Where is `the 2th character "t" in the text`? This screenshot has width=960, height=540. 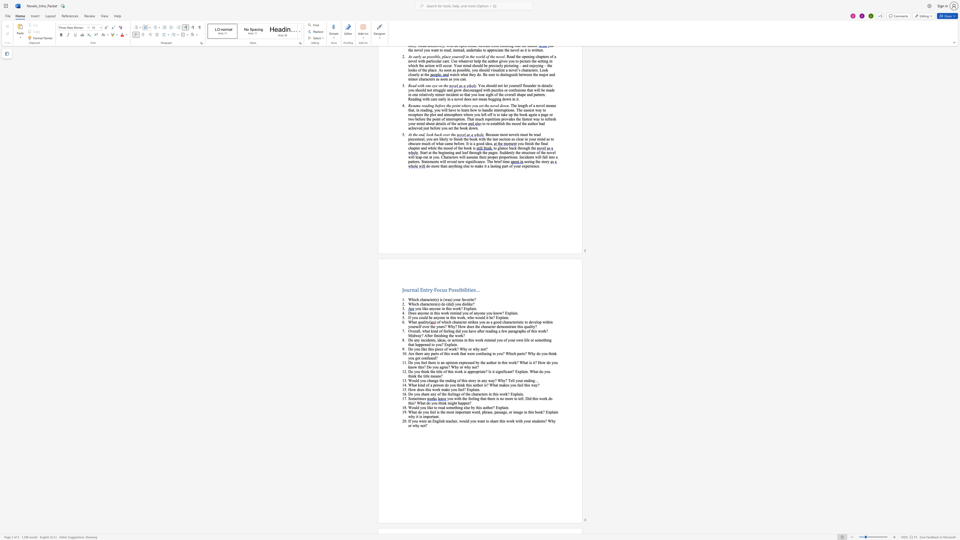
the 2th character "t" in the text is located at coordinates (481, 362).